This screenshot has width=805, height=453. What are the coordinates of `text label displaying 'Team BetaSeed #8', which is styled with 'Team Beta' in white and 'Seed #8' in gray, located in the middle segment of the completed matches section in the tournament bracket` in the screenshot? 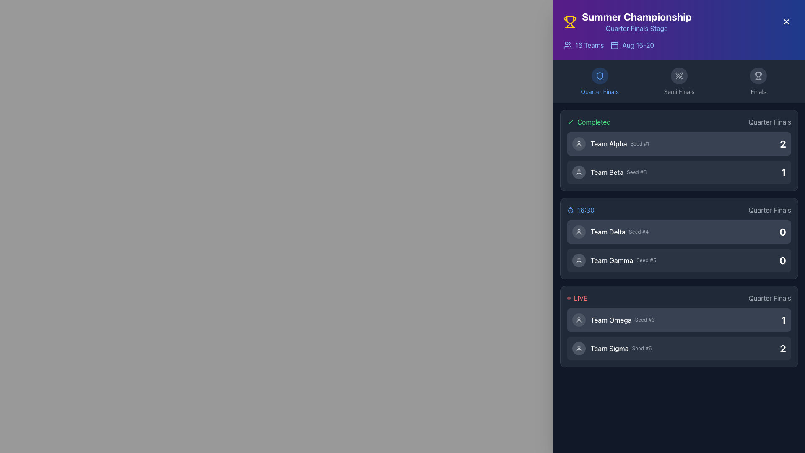 It's located at (618, 172).